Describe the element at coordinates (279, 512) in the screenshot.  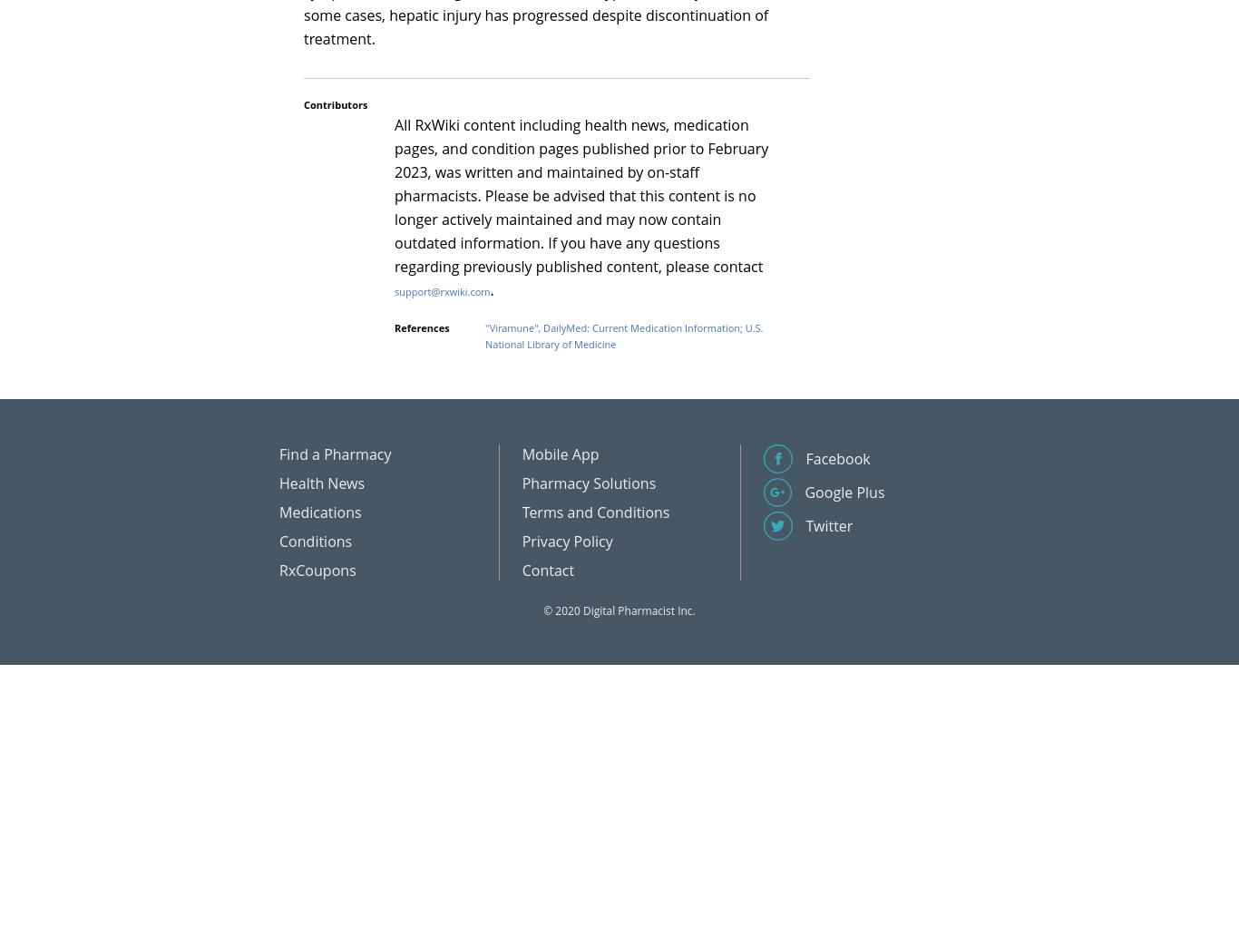
I see `'Medications'` at that location.